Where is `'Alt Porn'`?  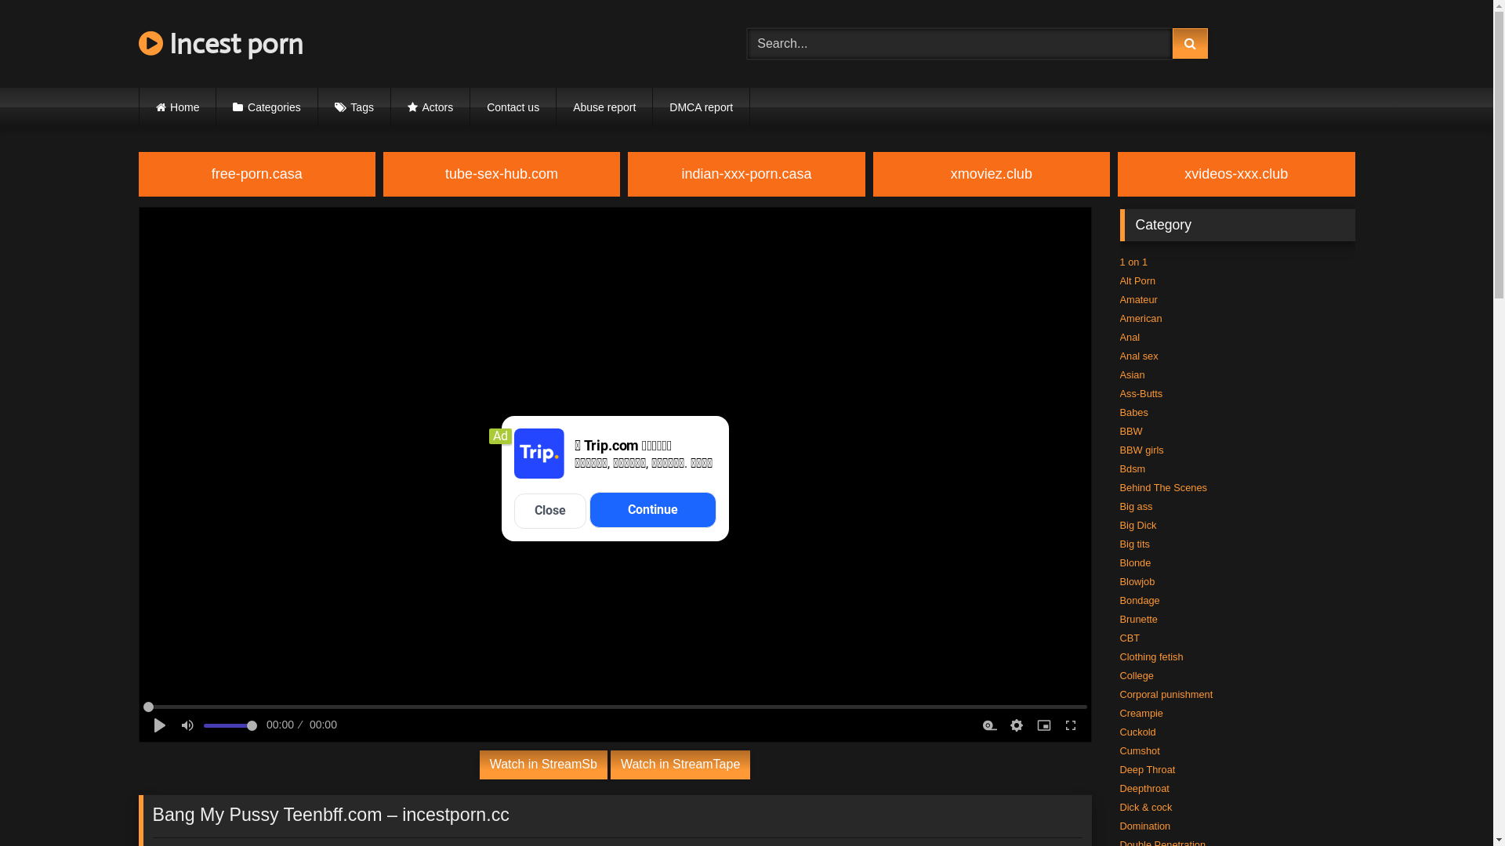
'Alt Porn' is located at coordinates (1137, 280).